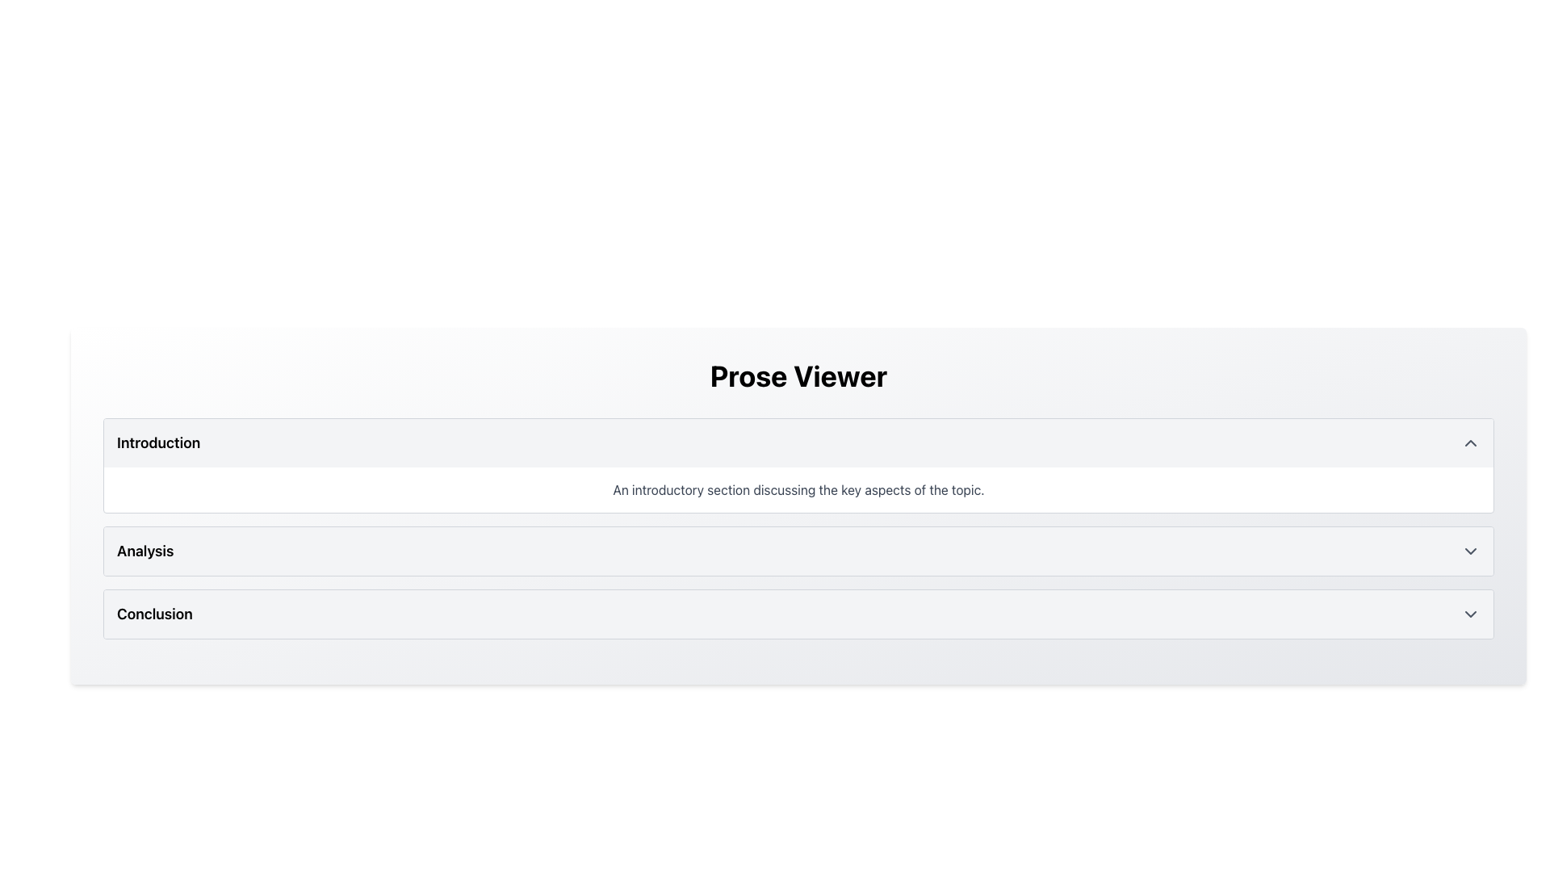  I want to click on the text label in the second section to focus on the section, which is located at the left of the chevron icon for expand/collapse functionality, so click(145, 550).